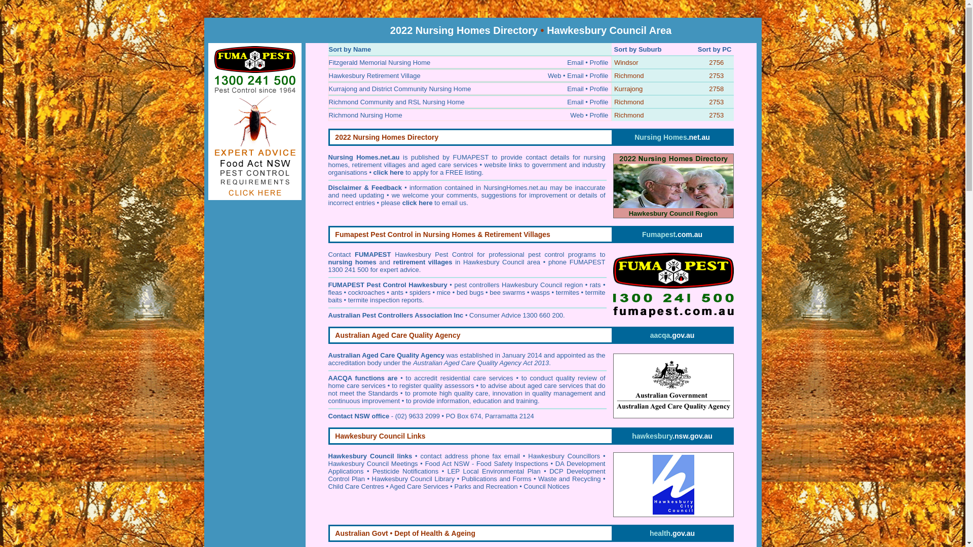 The image size is (973, 547). I want to click on 'termite baits', so click(466, 296).